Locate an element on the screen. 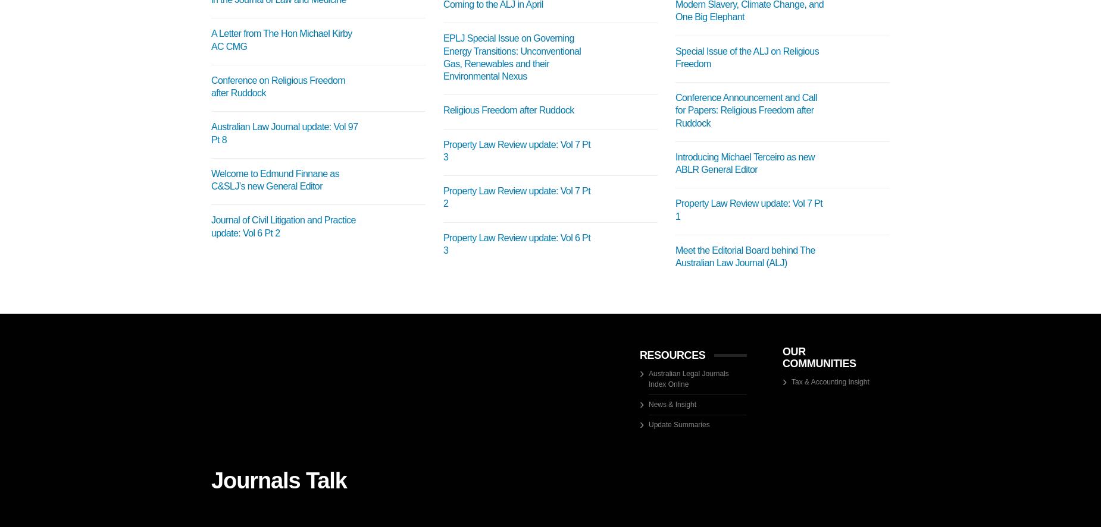 The width and height of the screenshot is (1101, 527). 'EPLJ Special Issue on Governing Energy Transitions: Unconventional Gas, Renewables and their Environmental Nexus' is located at coordinates (512, 56).